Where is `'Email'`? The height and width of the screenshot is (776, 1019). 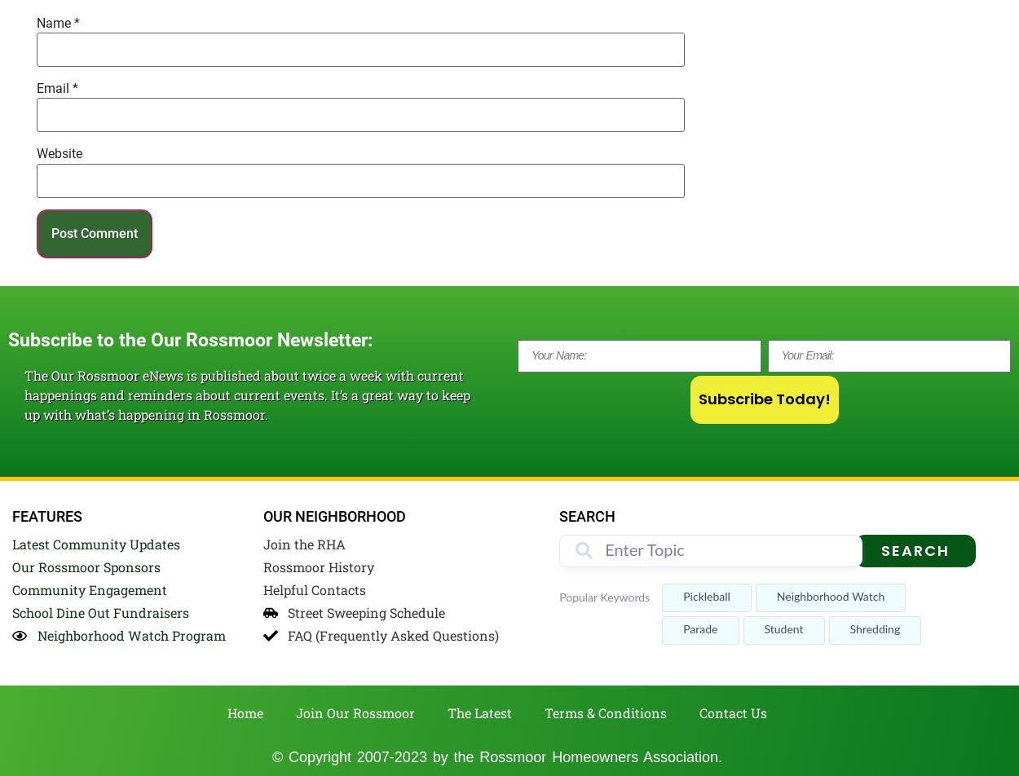 'Email' is located at coordinates (54, 87).